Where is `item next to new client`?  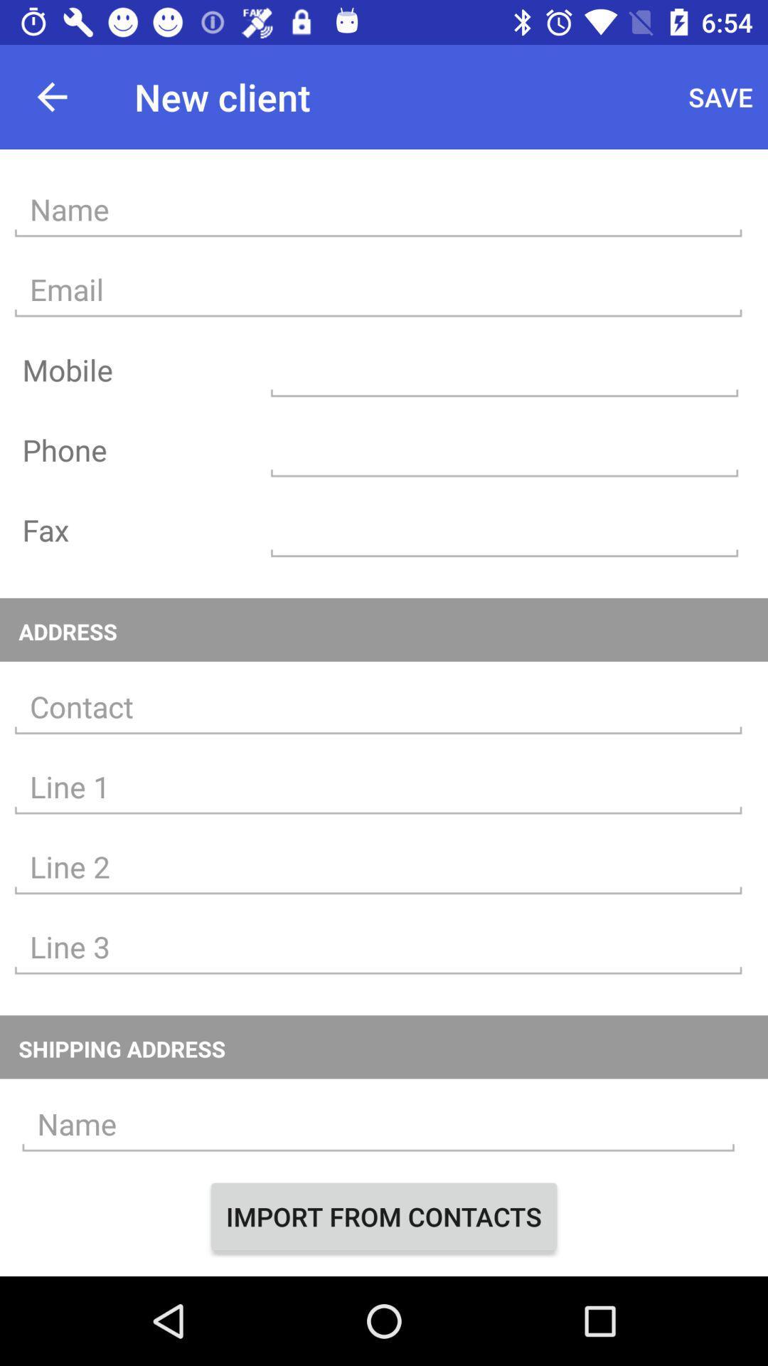
item next to new client is located at coordinates (51, 96).